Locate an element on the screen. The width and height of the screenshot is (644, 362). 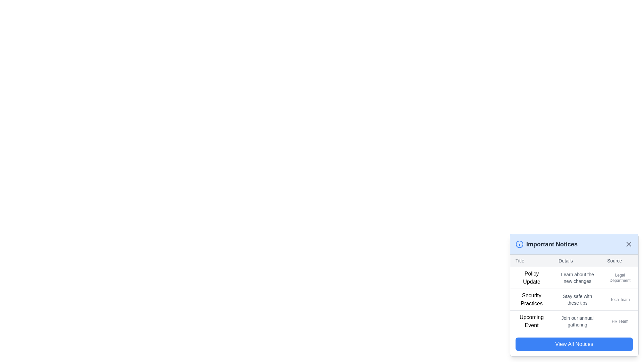
the 'Policy Update' text label, which is styled prominently in black and is located in the leftmost column of the 'Important Notices' table layout is located at coordinates (531, 278).